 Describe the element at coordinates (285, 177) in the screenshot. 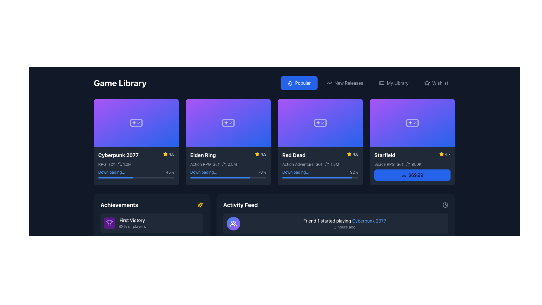

I see `the download progress` at that location.